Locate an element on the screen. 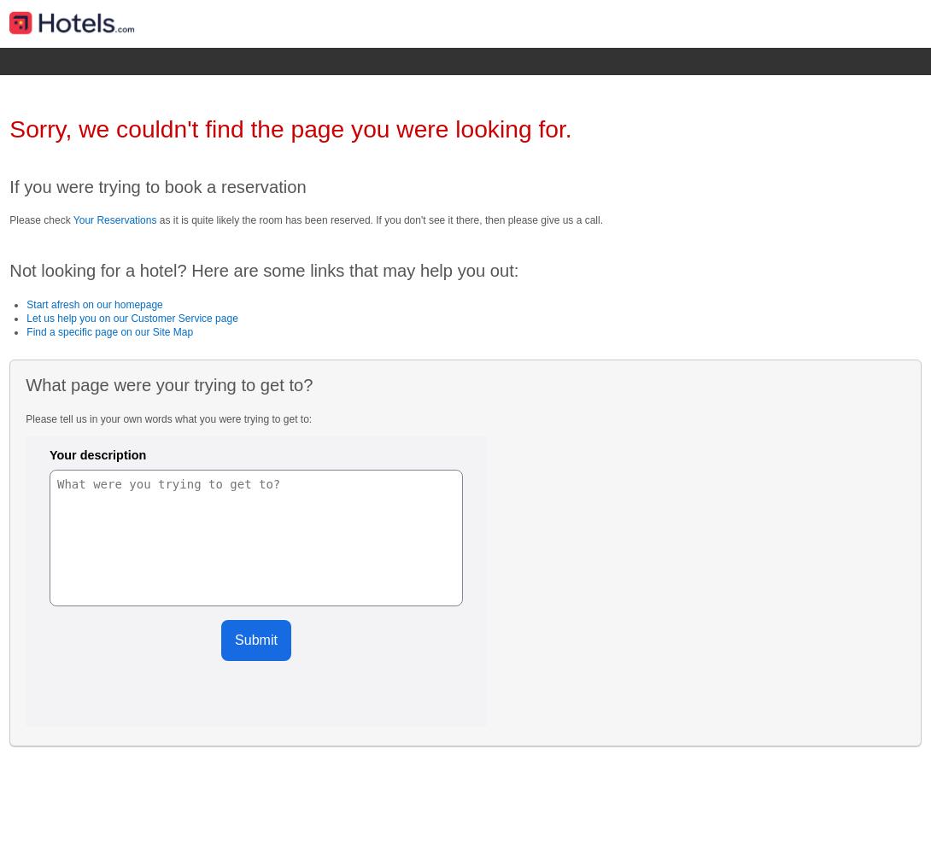 This screenshot has width=931, height=854. 'Please check' is located at coordinates (40, 219).